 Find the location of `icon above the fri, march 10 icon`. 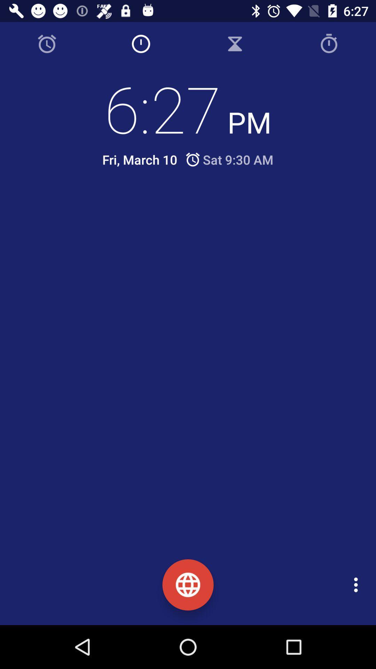

icon above the fri, march 10 icon is located at coordinates (188, 108).